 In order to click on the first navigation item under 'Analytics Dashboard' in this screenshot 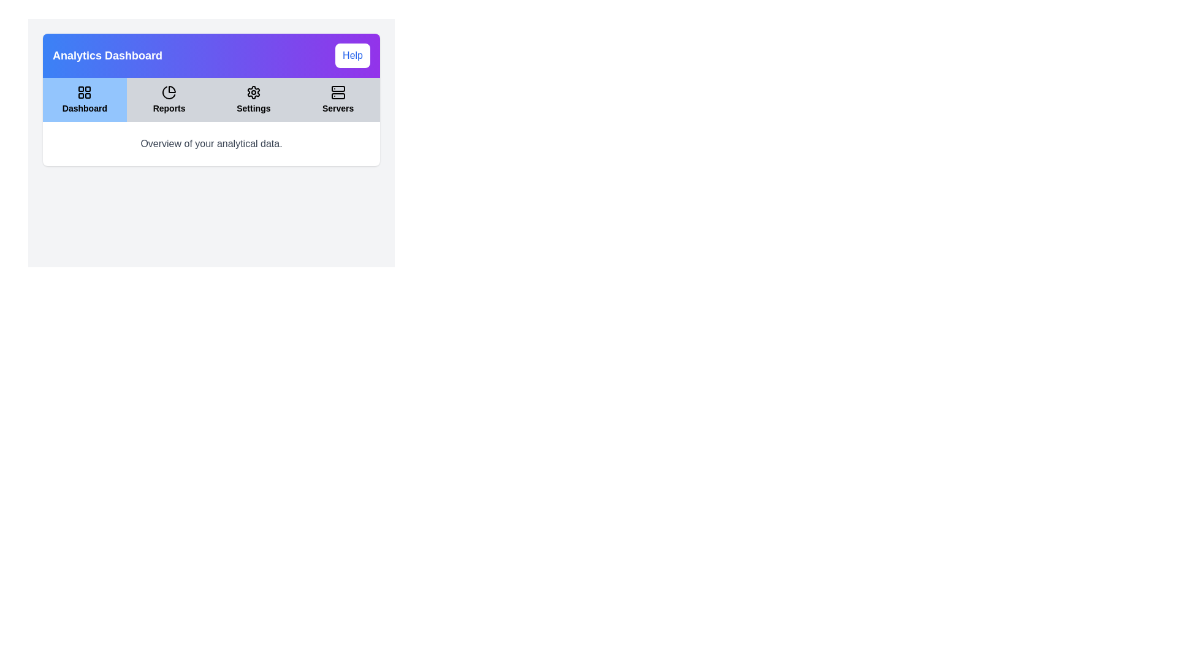, I will do `click(84, 99)`.